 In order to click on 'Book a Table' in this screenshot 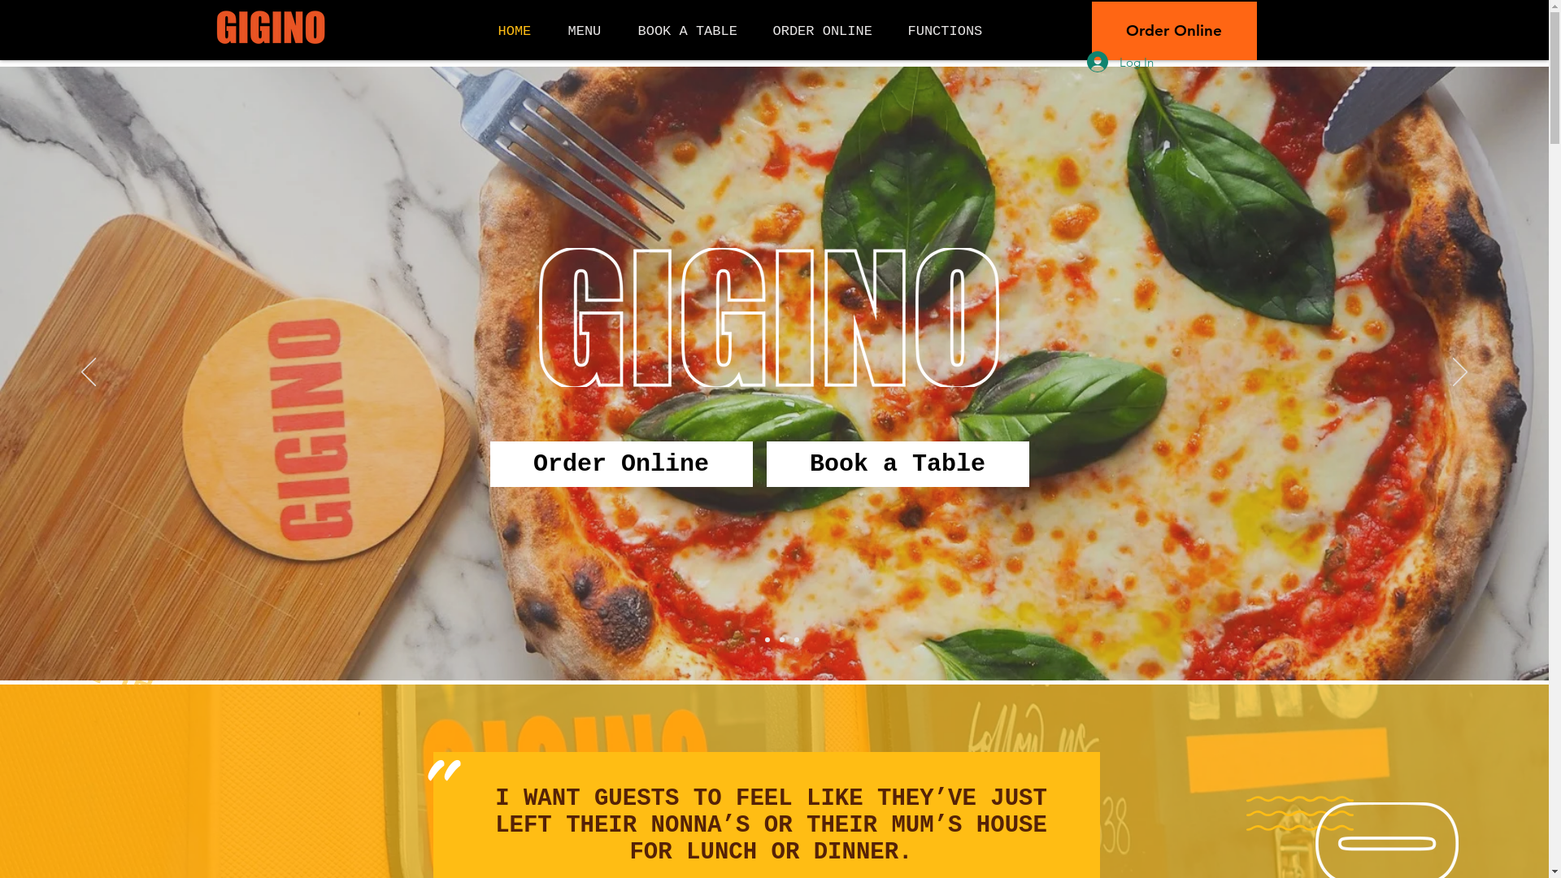, I will do `click(896, 463)`.